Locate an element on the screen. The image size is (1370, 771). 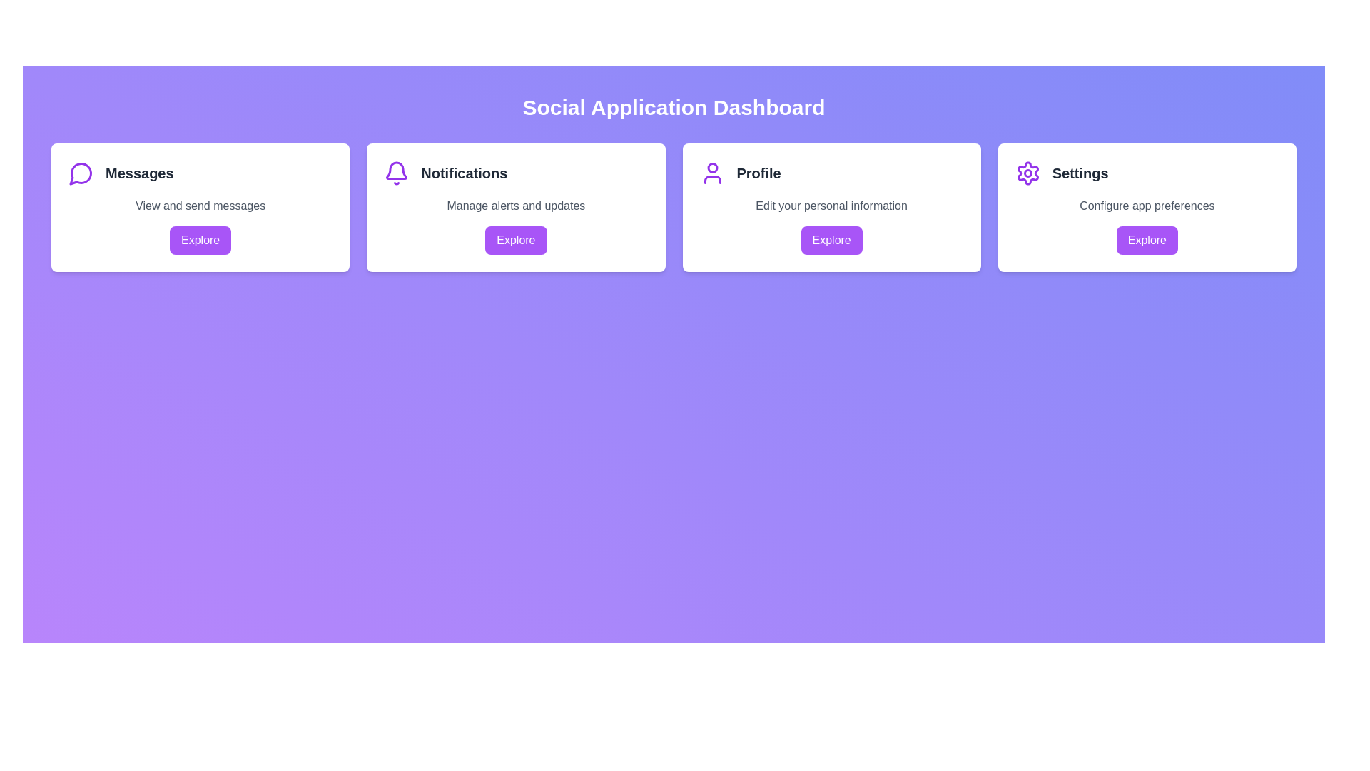
the second 'Explore' button located within the 'Notifications' card beneath the text 'Manage alerts and updates' is located at coordinates (515, 239).